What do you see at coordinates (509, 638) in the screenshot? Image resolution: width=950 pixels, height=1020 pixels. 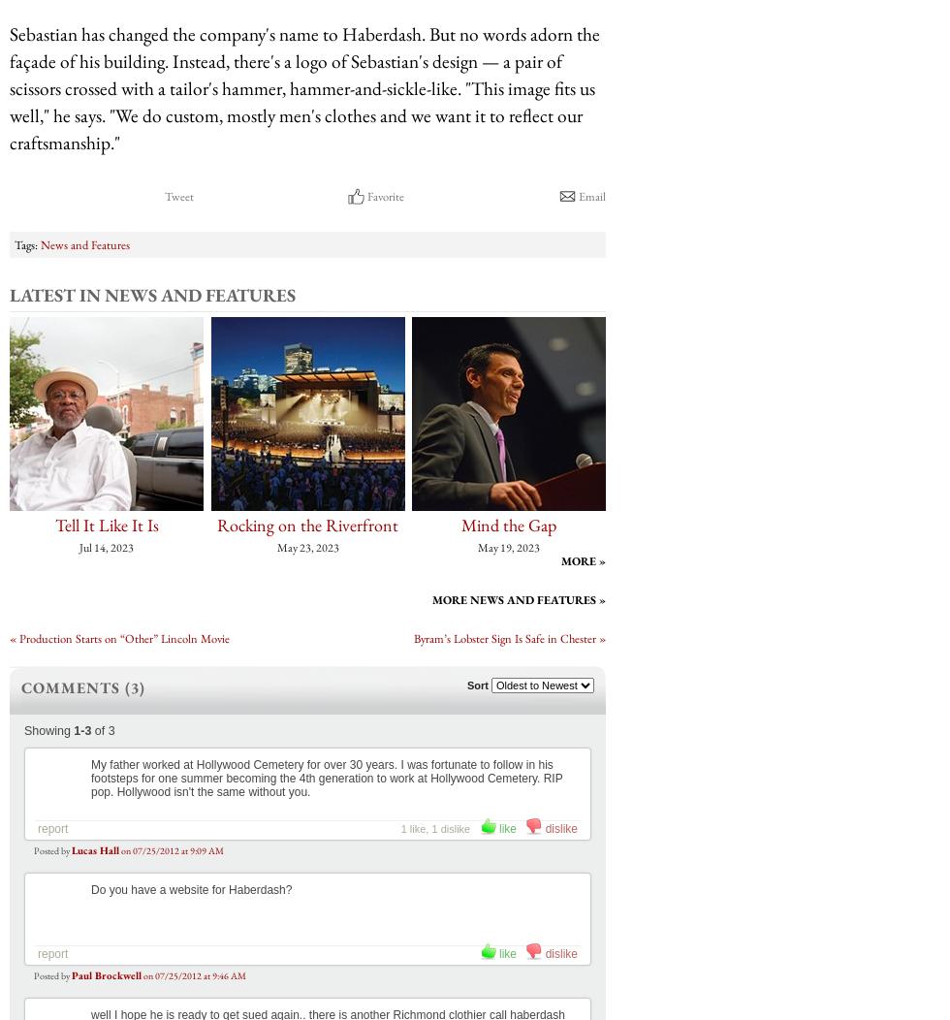 I see `'Byram’s Lobster Sign Is Safe in Chester »'` at bounding box center [509, 638].